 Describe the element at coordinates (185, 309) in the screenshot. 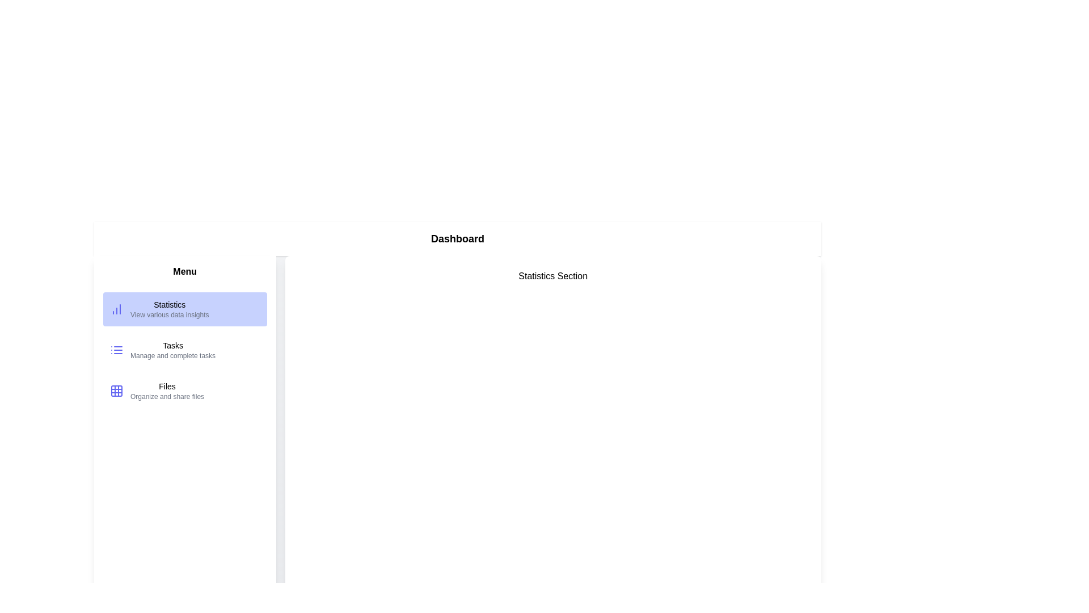

I see `the menu tab labeled Statistics to highlight it` at that location.